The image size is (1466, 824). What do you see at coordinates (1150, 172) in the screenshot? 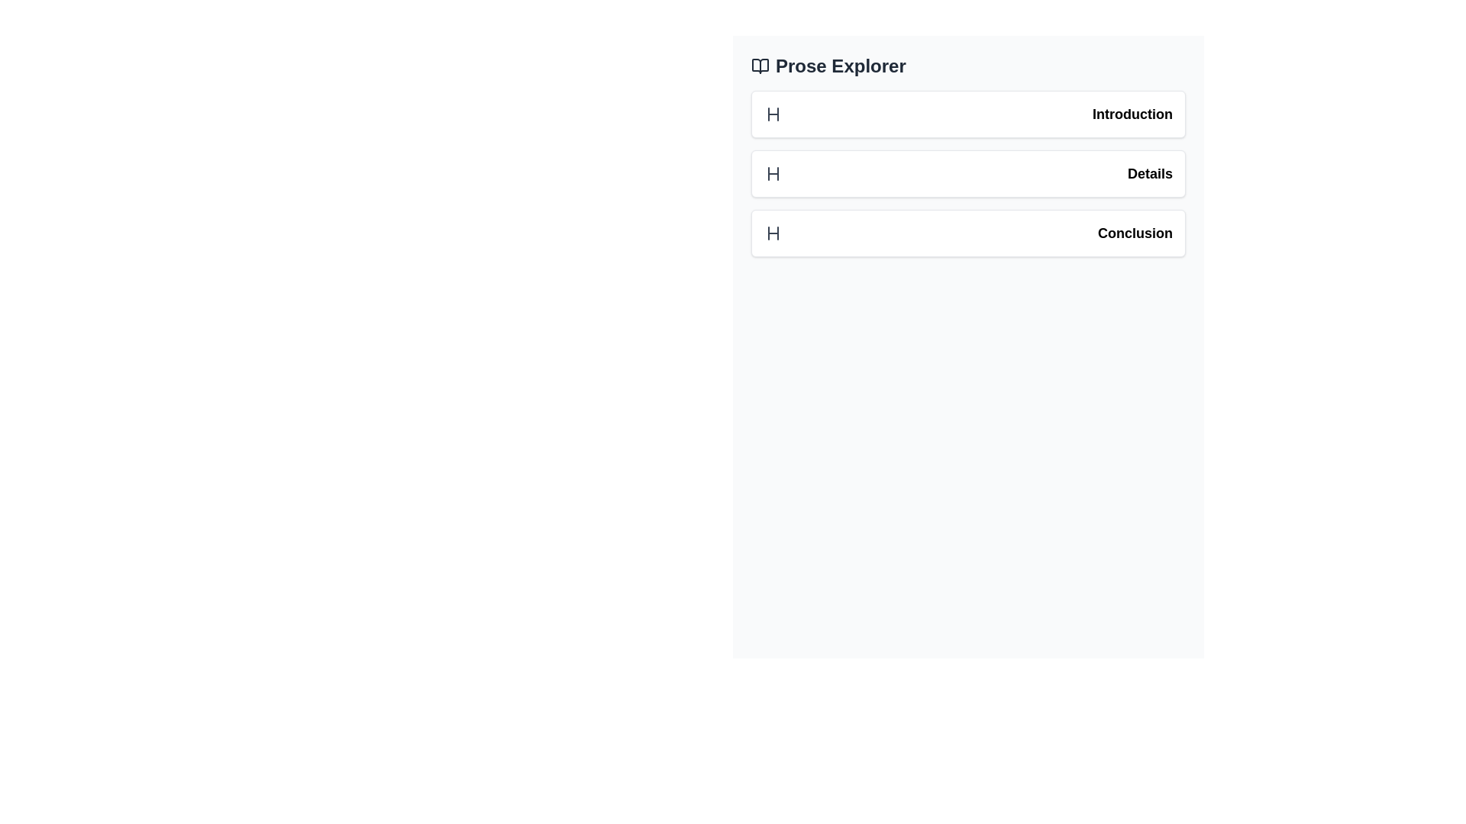
I see `the 'Details' text label, which is styled in bold and larger font, located on the right-side end of a horizontal bar adjacent to an identifiable icon` at bounding box center [1150, 172].